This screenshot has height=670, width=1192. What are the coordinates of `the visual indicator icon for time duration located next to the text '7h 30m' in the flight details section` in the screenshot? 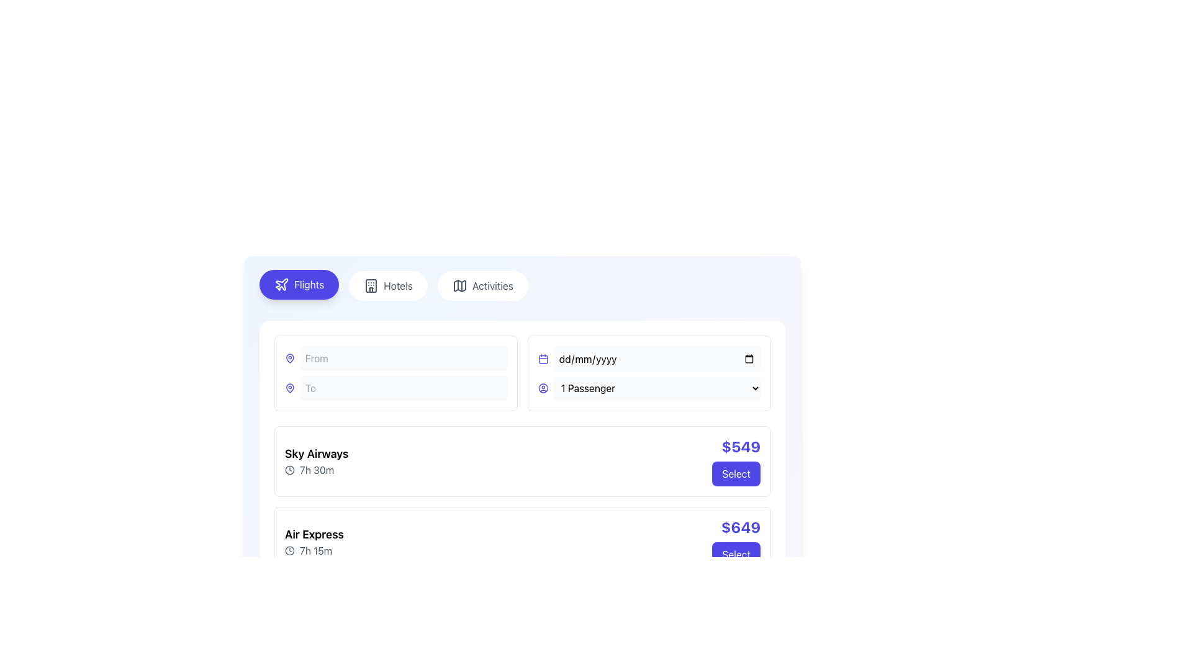 It's located at (289, 470).